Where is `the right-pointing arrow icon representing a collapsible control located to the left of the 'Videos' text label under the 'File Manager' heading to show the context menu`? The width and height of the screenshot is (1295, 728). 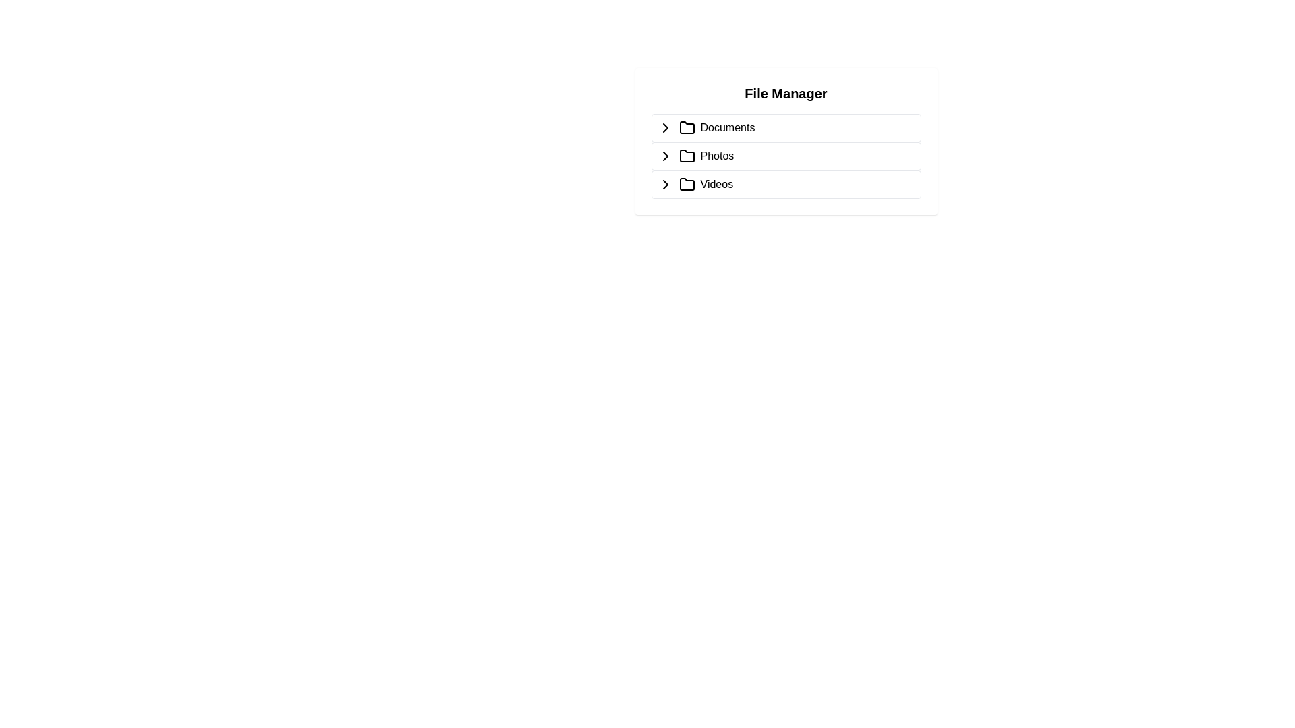 the right-pointing arrow icon representing a collapsible control located to the left of the 'Videos' text label under the 'File Manager' heading to show the context menu is located at coordinates (665, 184).